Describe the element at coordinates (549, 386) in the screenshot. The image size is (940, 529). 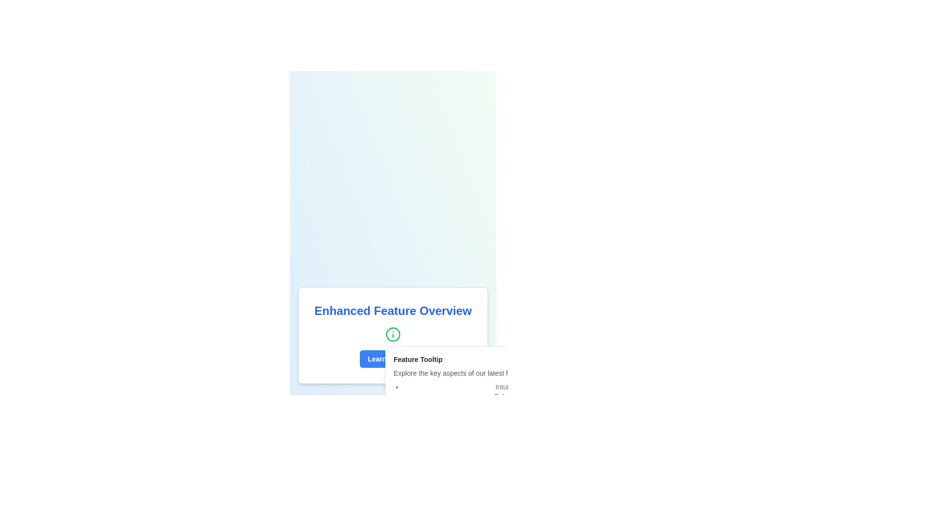
I see `the first item in the bullet list within the 'Feature Tooltip' located in the lower-right corner of the interface` at that location.